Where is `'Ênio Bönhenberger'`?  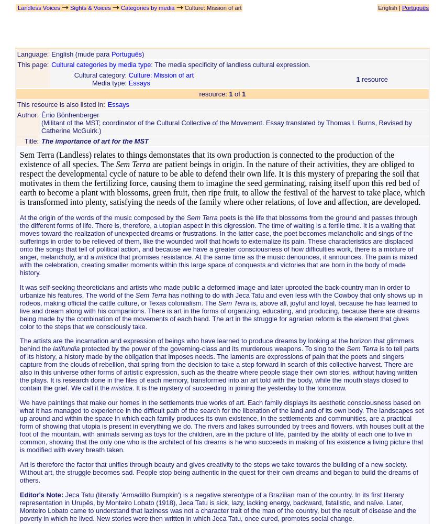
'Ênio Bönhenberger' is located at coordinates (41, 114).